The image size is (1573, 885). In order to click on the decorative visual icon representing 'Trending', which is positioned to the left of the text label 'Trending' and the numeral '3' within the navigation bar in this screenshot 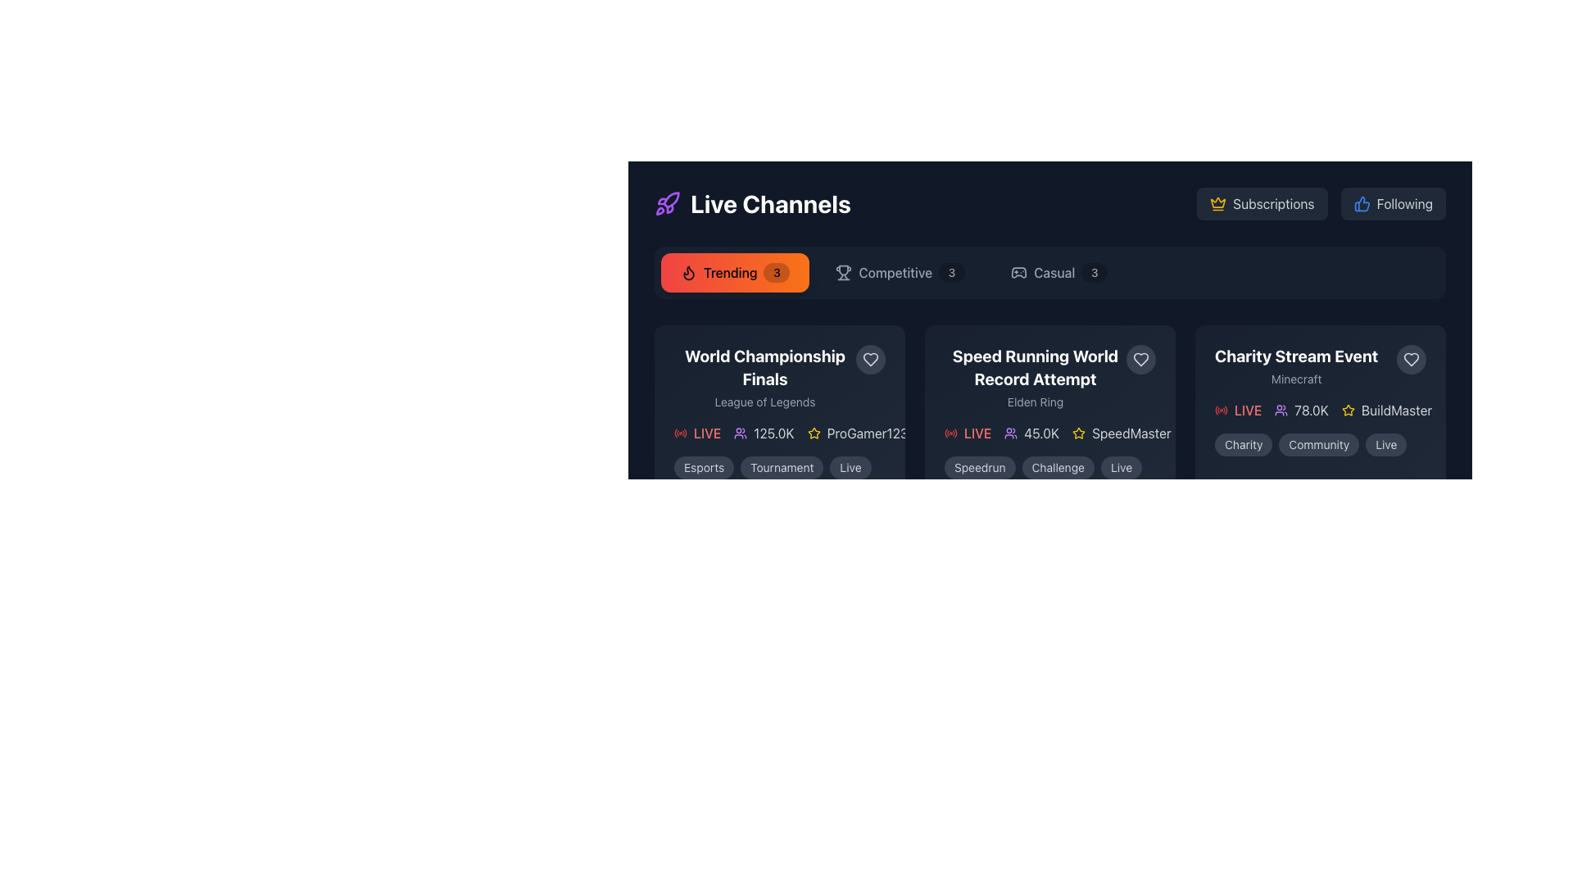, I will do `click(688, 271)`.